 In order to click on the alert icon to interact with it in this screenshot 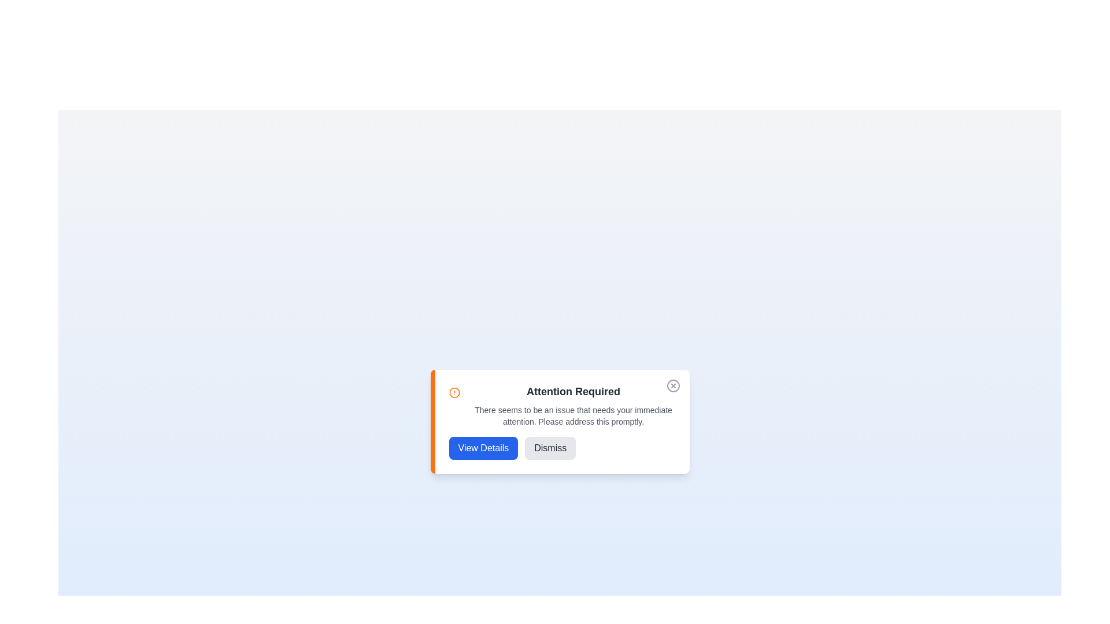, I will do `click(454, 392)`.